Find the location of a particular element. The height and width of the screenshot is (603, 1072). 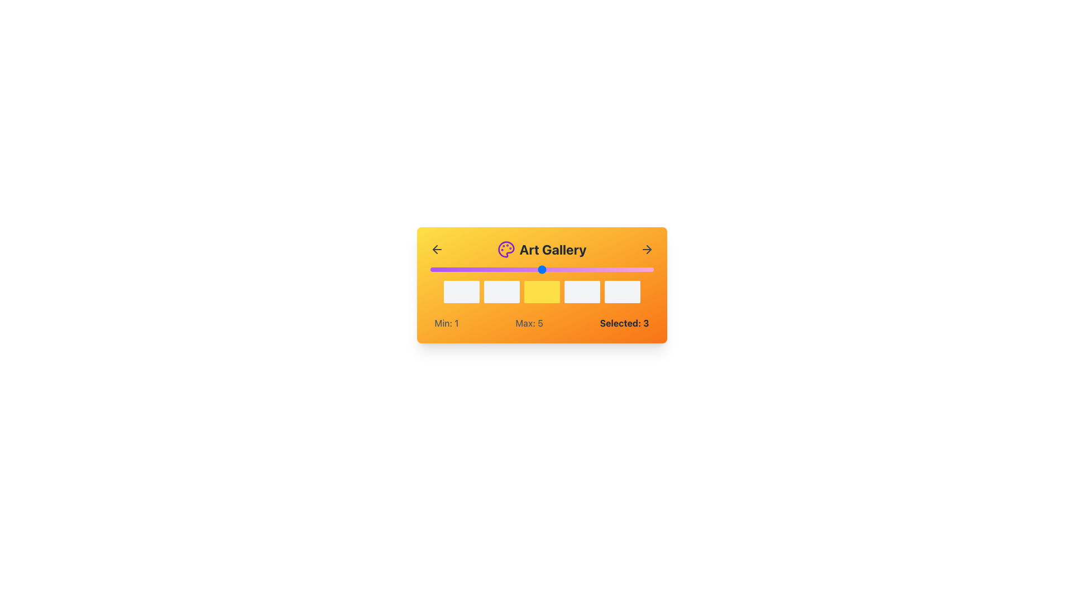

the text label displaying 'Min: 1' in gray font on an orange background, located at the bottom left corner of the card-like UI is located at coordinates (447, 323).